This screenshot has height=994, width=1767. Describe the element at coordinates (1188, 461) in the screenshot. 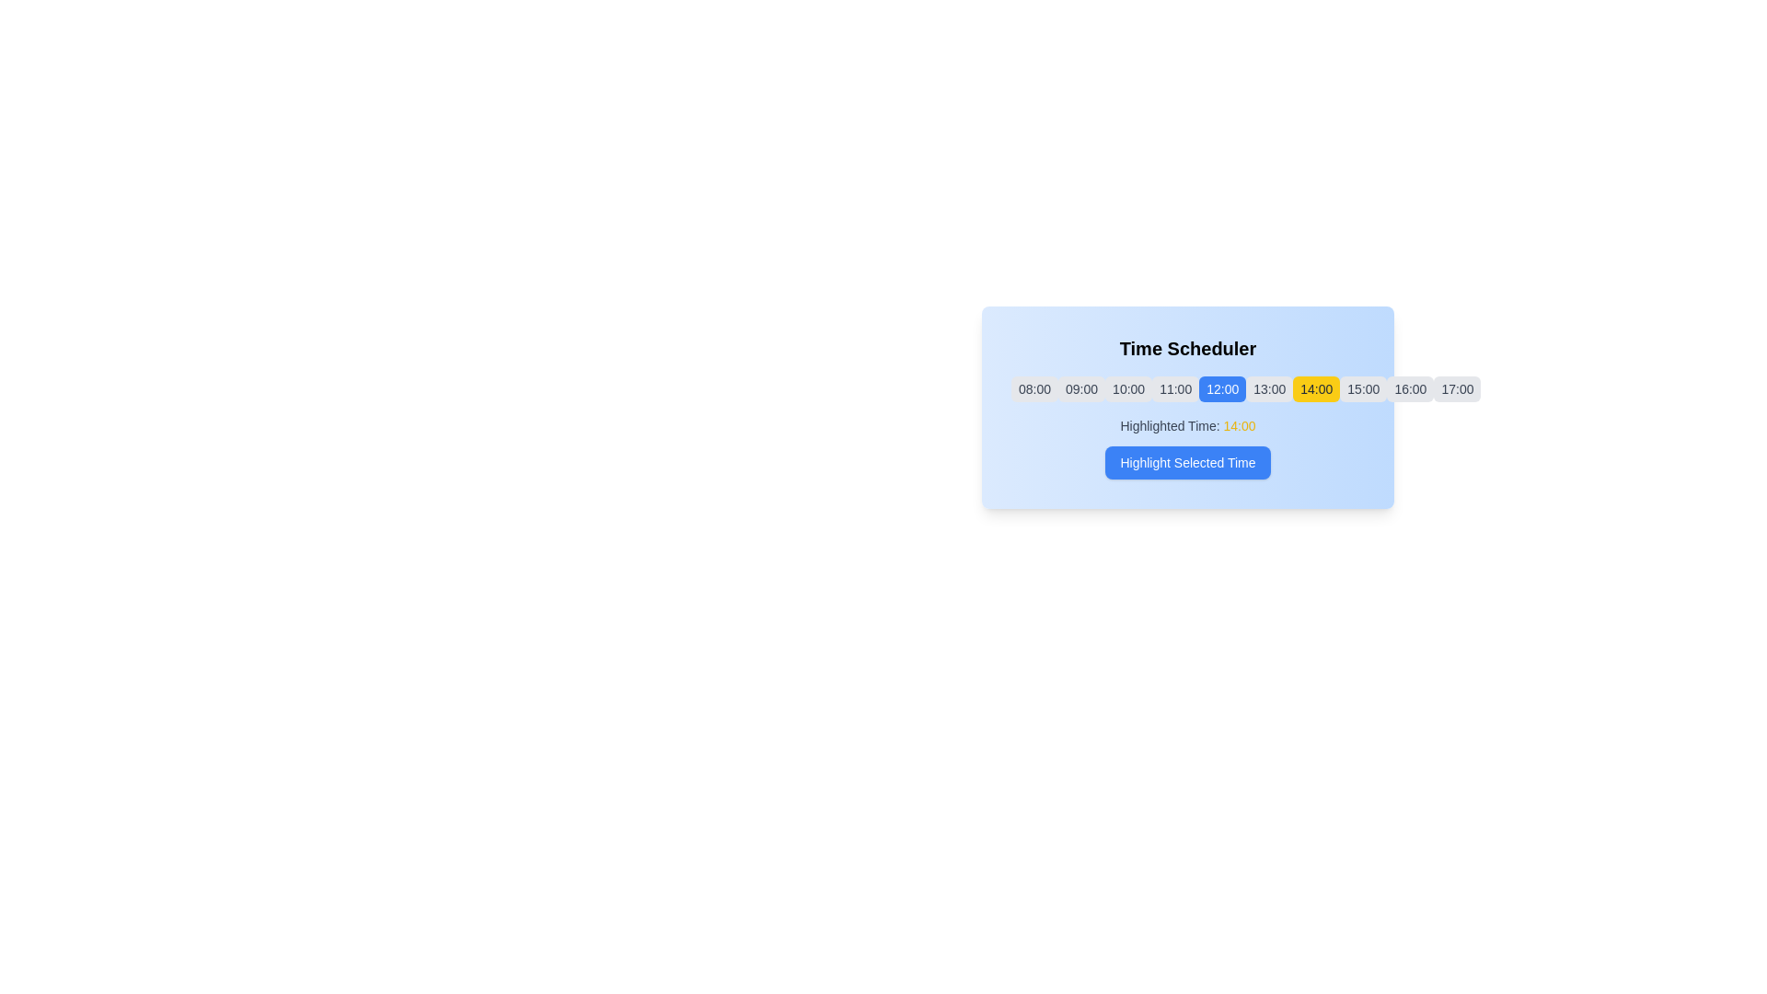

I see `the button located centrally below the text 'Highlighted Time: 14:00'` at that location.